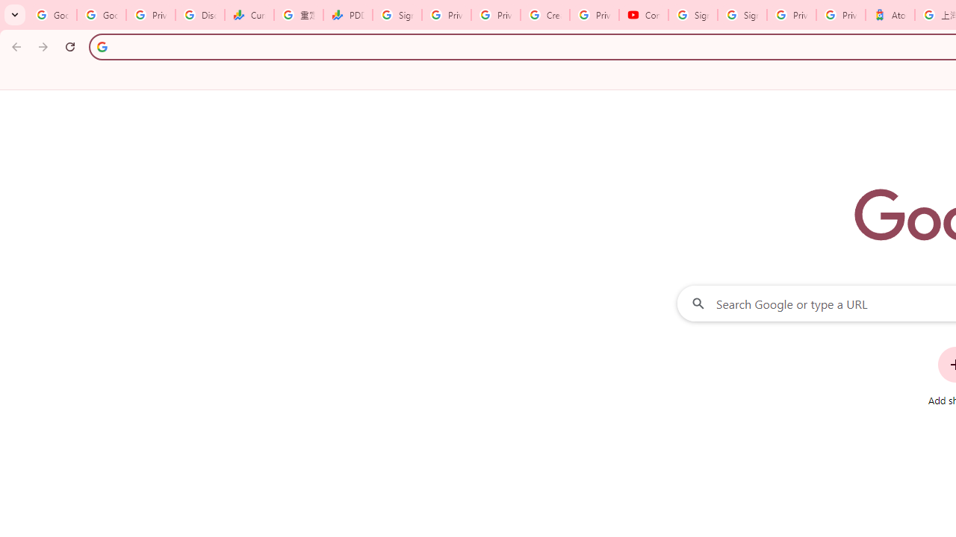 The image size is (956, 537). I want to click on 'Content Creator Programs & Opportunities - YouTube Creators', so click(644, 15).